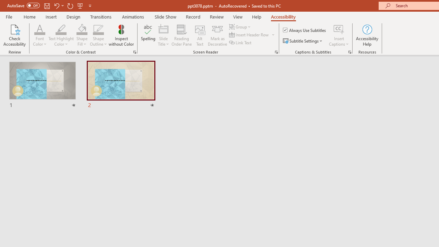 Image resolution: width=439 pixels, height=247 pixels. I want to click on 'Link Text', so click(241, 43).